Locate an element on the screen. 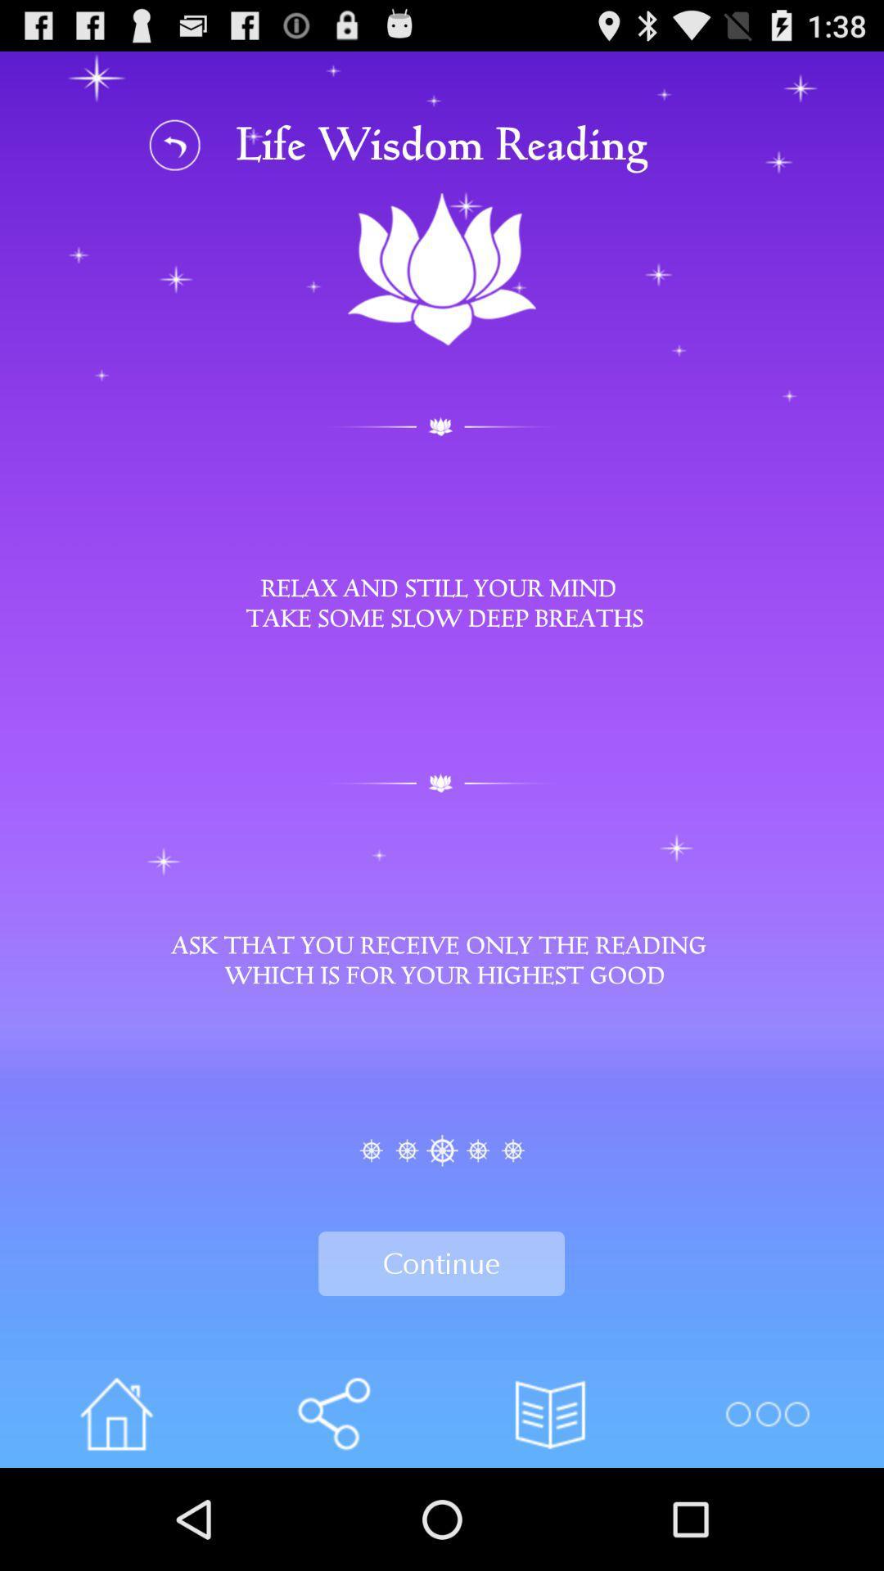 The width and height of the screenshot is (884, 1571). go home is located at coordinates (115, 1413).